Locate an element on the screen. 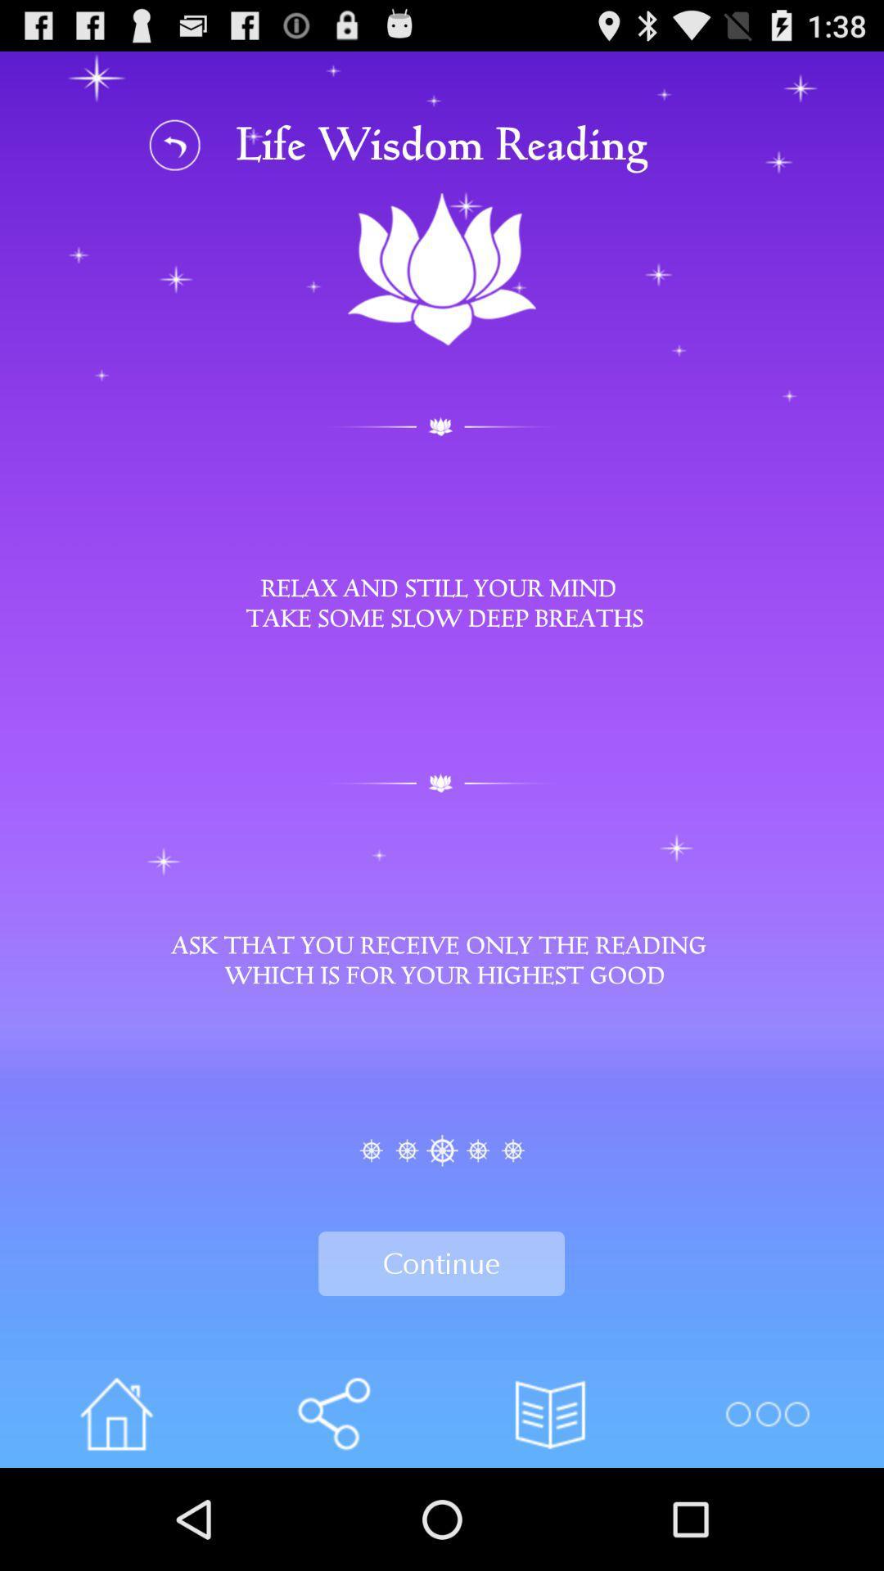 The width and height of the screenshot is (884, 1571). go home is located at coordinates (115, 1413).